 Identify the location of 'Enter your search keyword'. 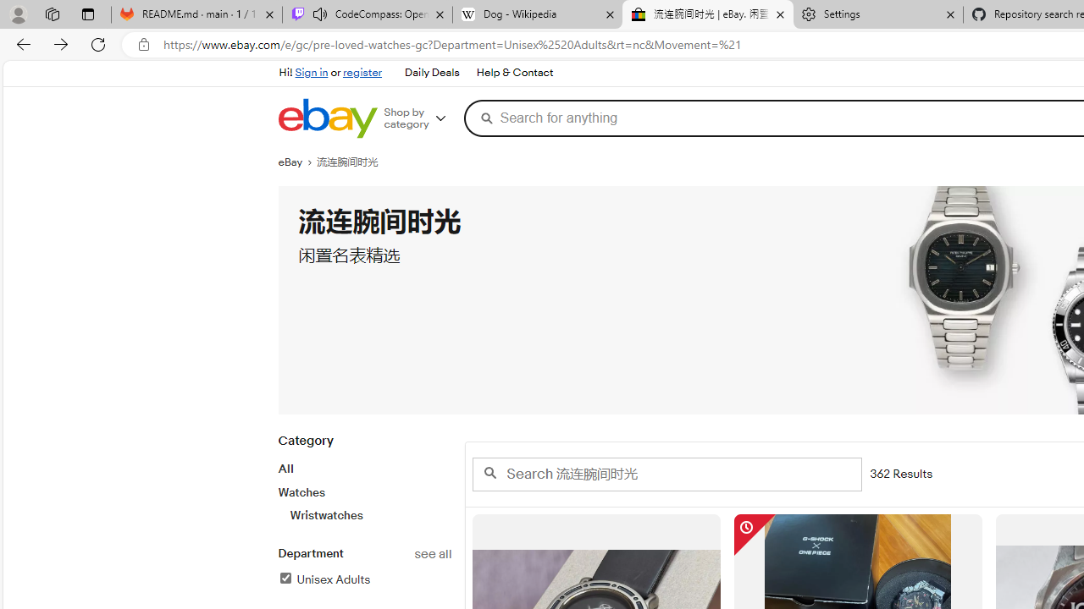
(666, 474).